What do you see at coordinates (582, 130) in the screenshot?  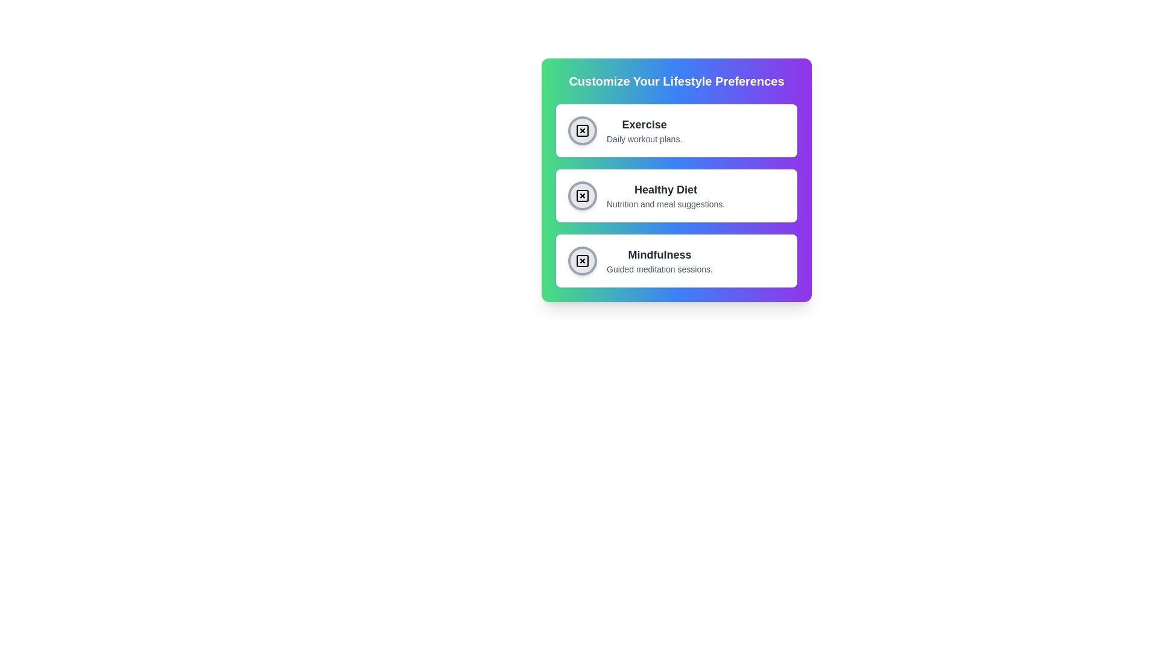 I see `the Icon button located to the left of the 'Exercise' text in the 'Customize Your Lifestyle Preferences' panel` at bounding box center [582, 130].